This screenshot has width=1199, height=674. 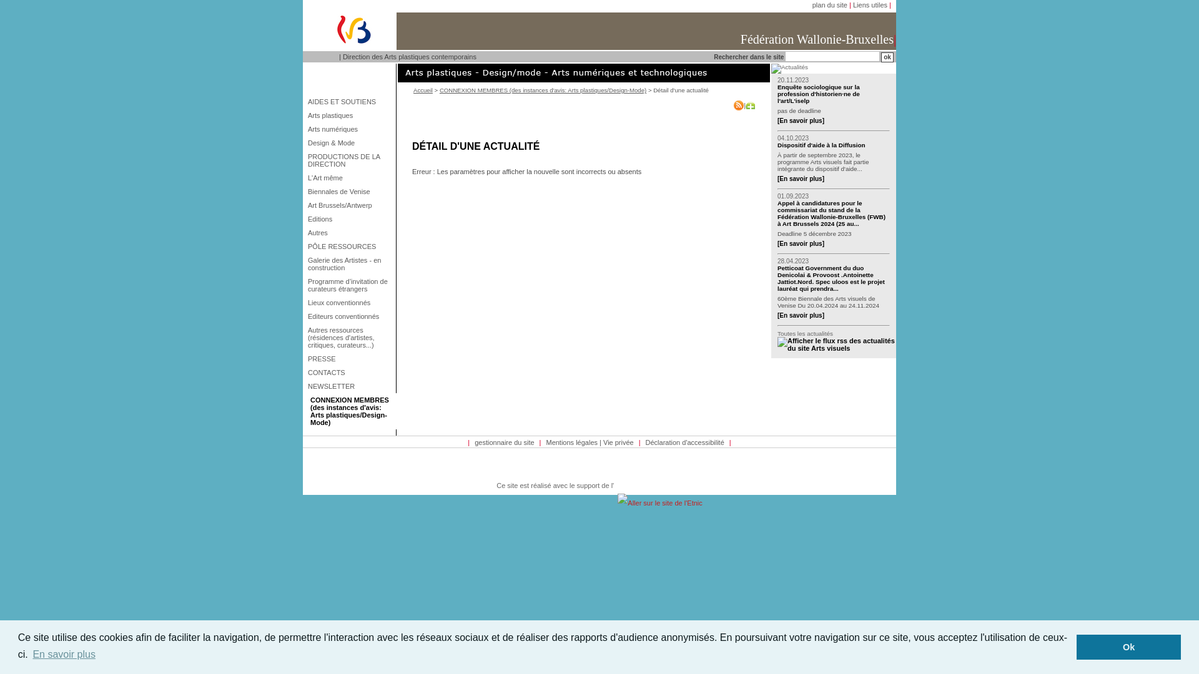 What do you see at coordinates (423, 89) in the screenshot?
I see `'Accueil'` at bounding box center [423, 89].